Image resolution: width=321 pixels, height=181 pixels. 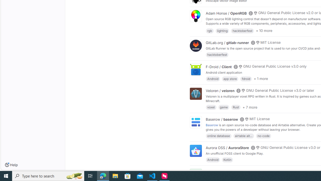 I want to click on 'no-code', so click(x=263, y=135).